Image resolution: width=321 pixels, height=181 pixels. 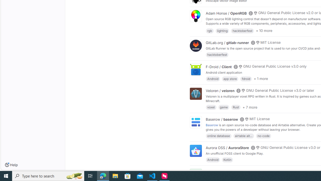 I want to click on 'no-code', so click(x=263, y=135).